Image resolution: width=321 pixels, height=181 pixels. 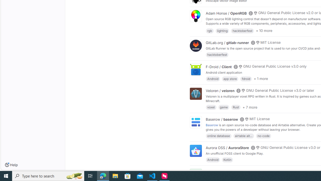 I want to click on 'no-code', so click(x=263, y=135).